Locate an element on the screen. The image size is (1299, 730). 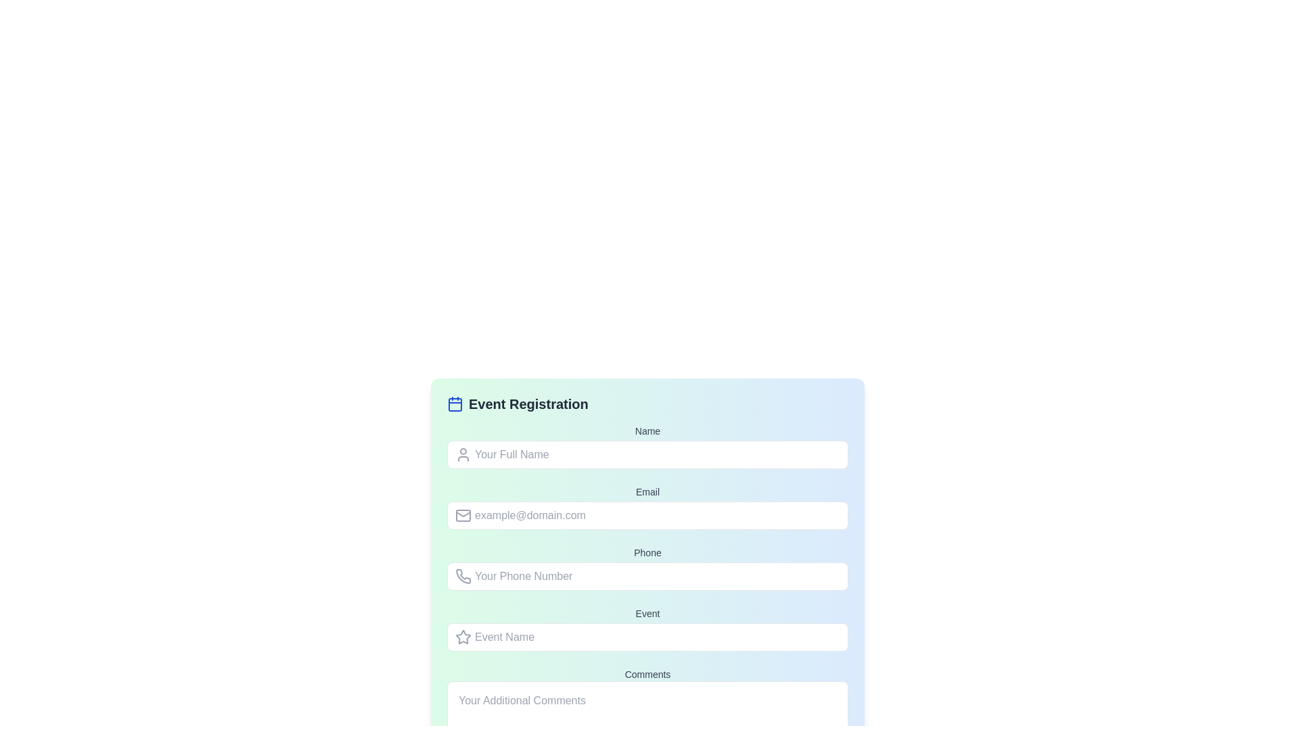
the decorative component of the calendar icon, which is located at the center of the icon displayed to the left of the 'Event Registration' heading is located at coordinates (455, 404).